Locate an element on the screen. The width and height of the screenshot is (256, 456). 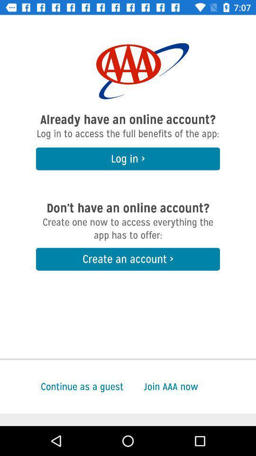
continue as a is located at coordinates (62, 387).